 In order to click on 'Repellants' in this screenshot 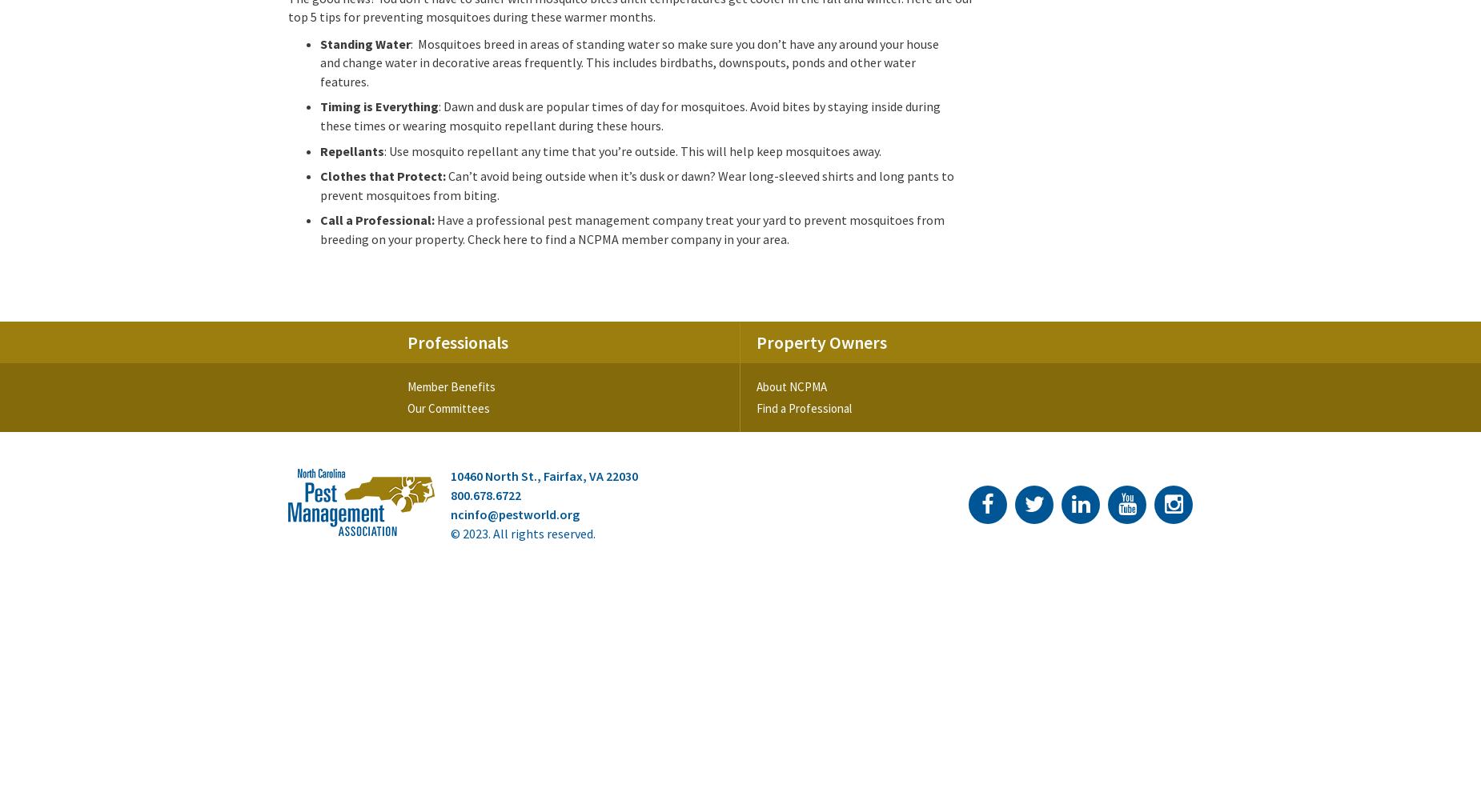, I will do `click(351, 150)`.